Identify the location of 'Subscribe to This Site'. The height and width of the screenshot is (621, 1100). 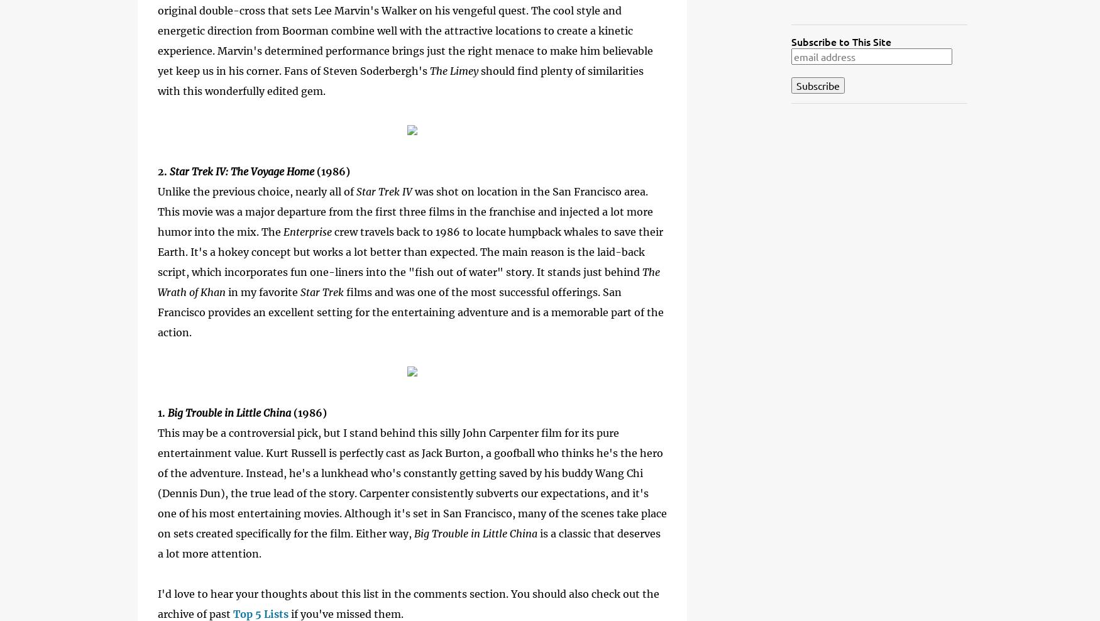
(841, 41).